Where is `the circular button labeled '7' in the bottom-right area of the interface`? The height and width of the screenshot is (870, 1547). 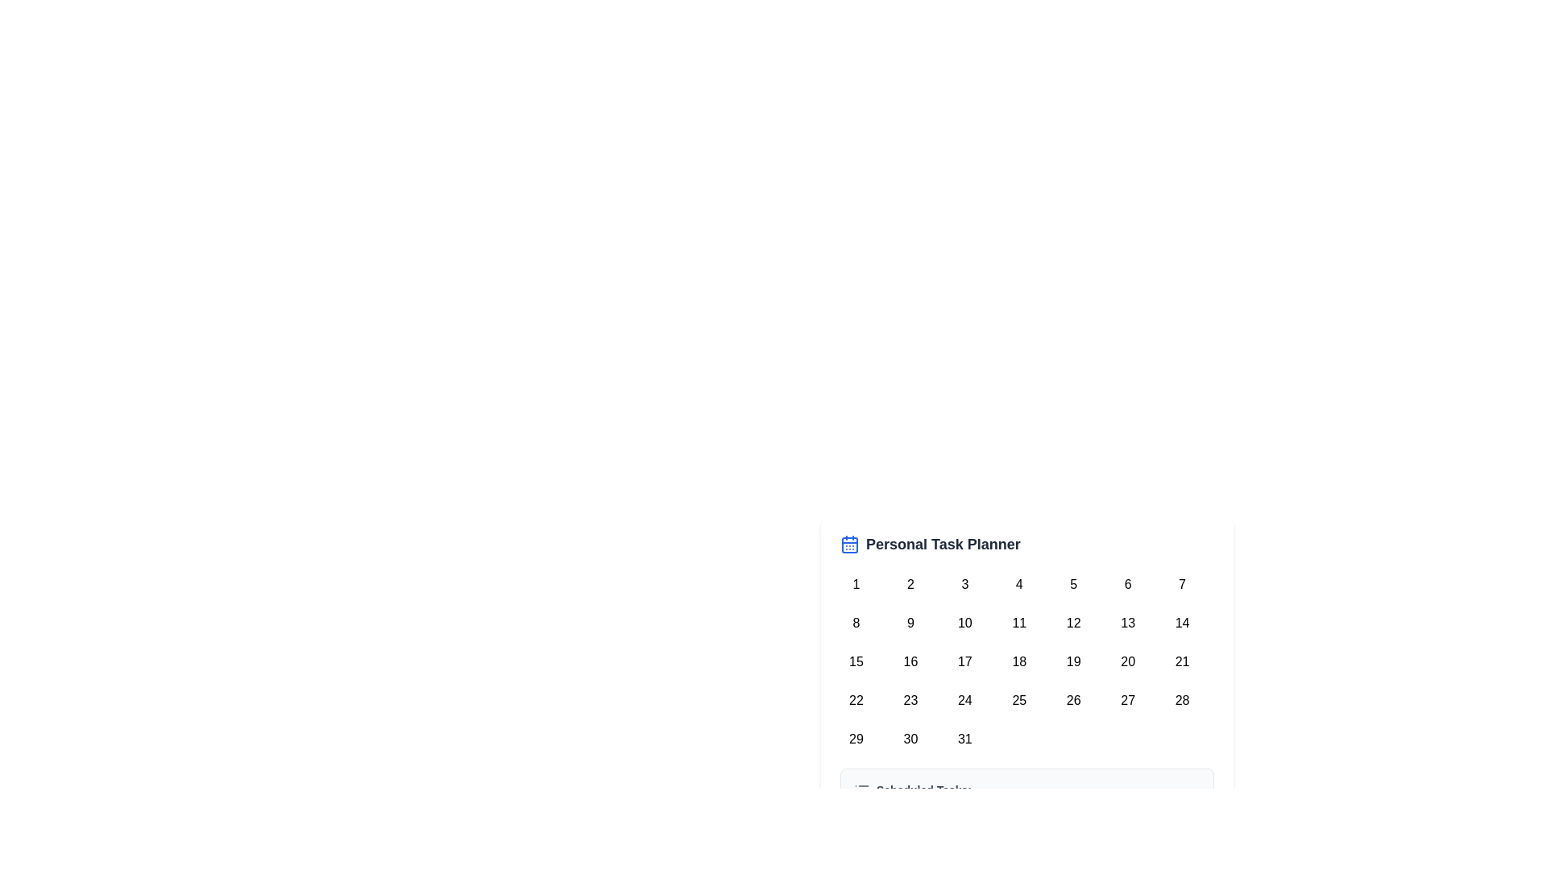 the circular button labeled '7' in the bottom-right area of the interface is located at coordinates (1182, 584).